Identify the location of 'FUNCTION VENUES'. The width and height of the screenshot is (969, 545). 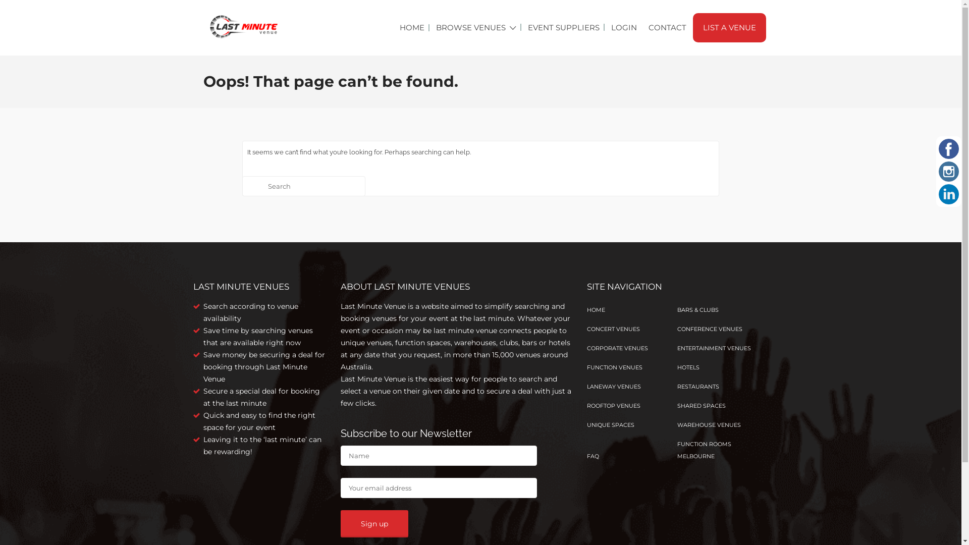
(614, 367).